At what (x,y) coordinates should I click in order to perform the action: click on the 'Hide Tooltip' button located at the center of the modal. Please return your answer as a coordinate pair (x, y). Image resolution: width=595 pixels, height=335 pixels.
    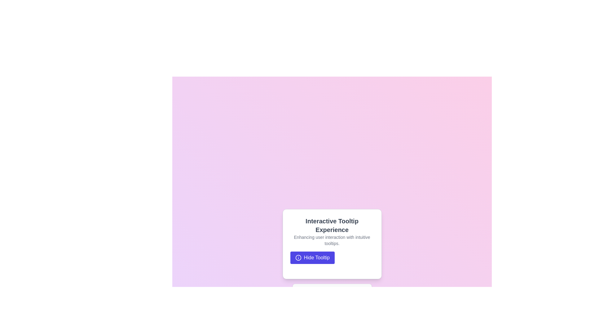
    Looking at the image, I should click on (312, 257).